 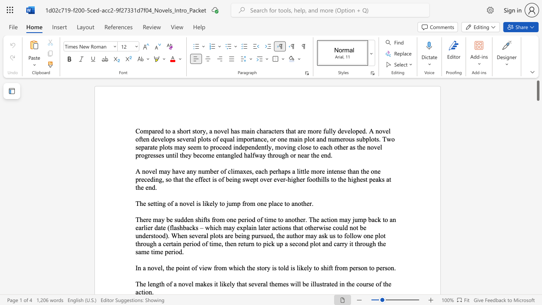 What do you see at coordinates (537, 152) in the screenshot?
I see `the scrollbar to move the page downward` at bounding box center [537, 152].